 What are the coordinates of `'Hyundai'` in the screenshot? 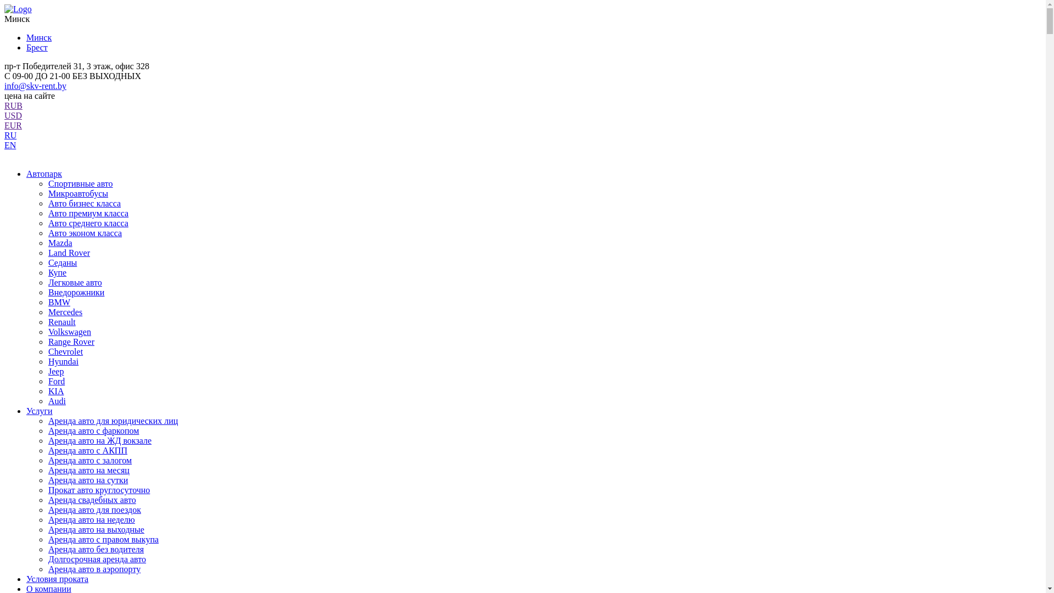 It's located at (63, 361).